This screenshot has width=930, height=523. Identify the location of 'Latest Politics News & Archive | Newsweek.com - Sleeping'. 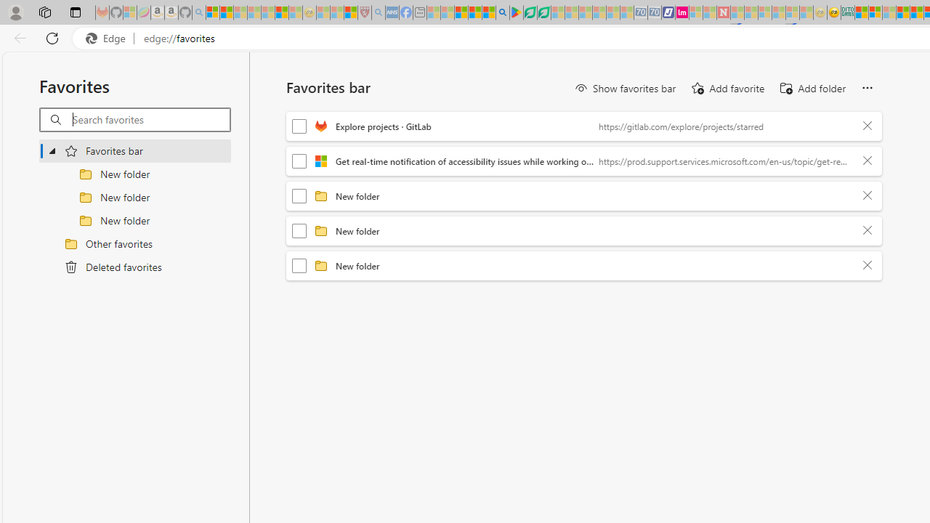
(723, 12).